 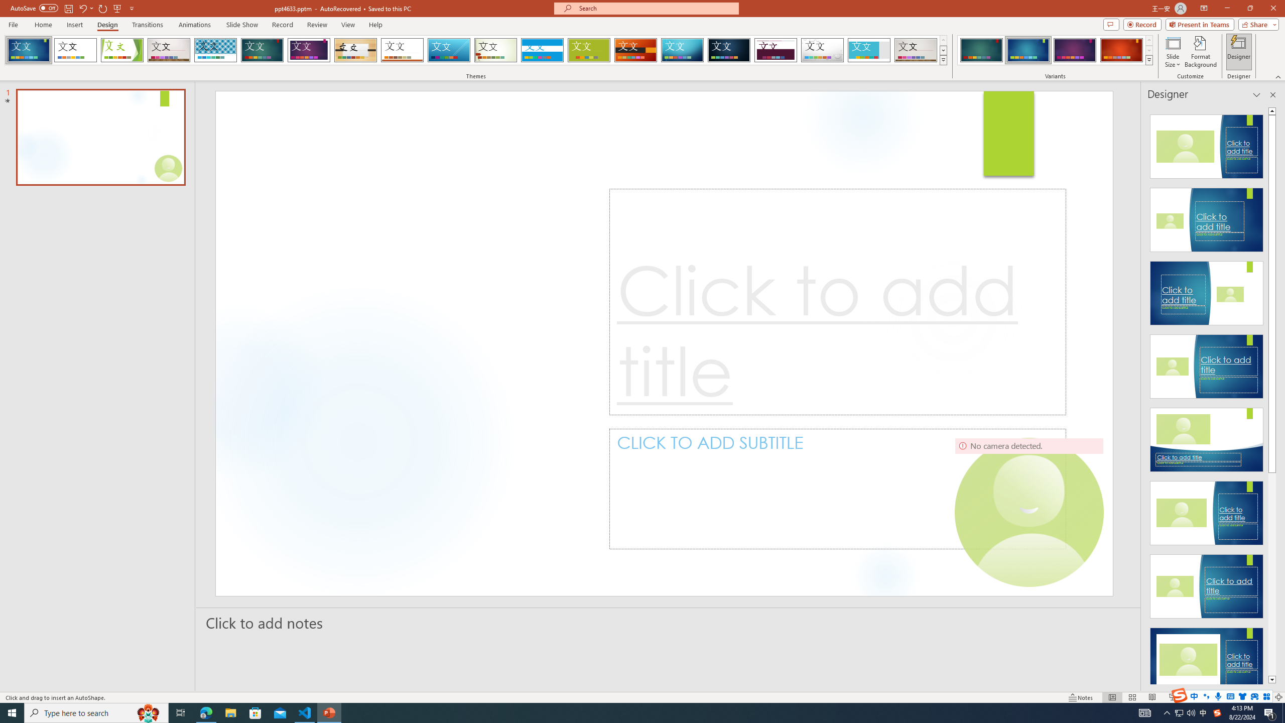 What do you see at coordinates (1056, 50) in the screenshot?
I see `'AutomationID: ThemeVariantsGallery'` at bounding box center [1056, 50].